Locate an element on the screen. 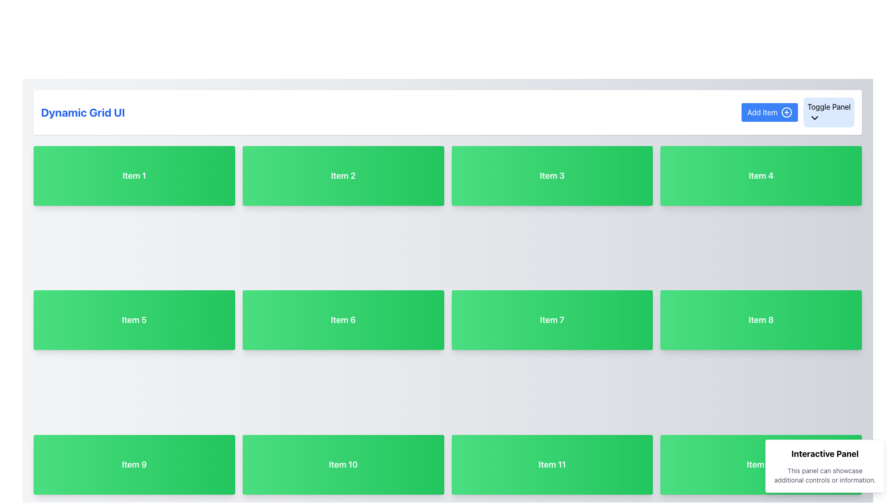 This screenshot has height=504, width=896. the button located in the top-right part of the interface, to the left of the 'Toggle Panel' button is located at coordinates (770, 112).